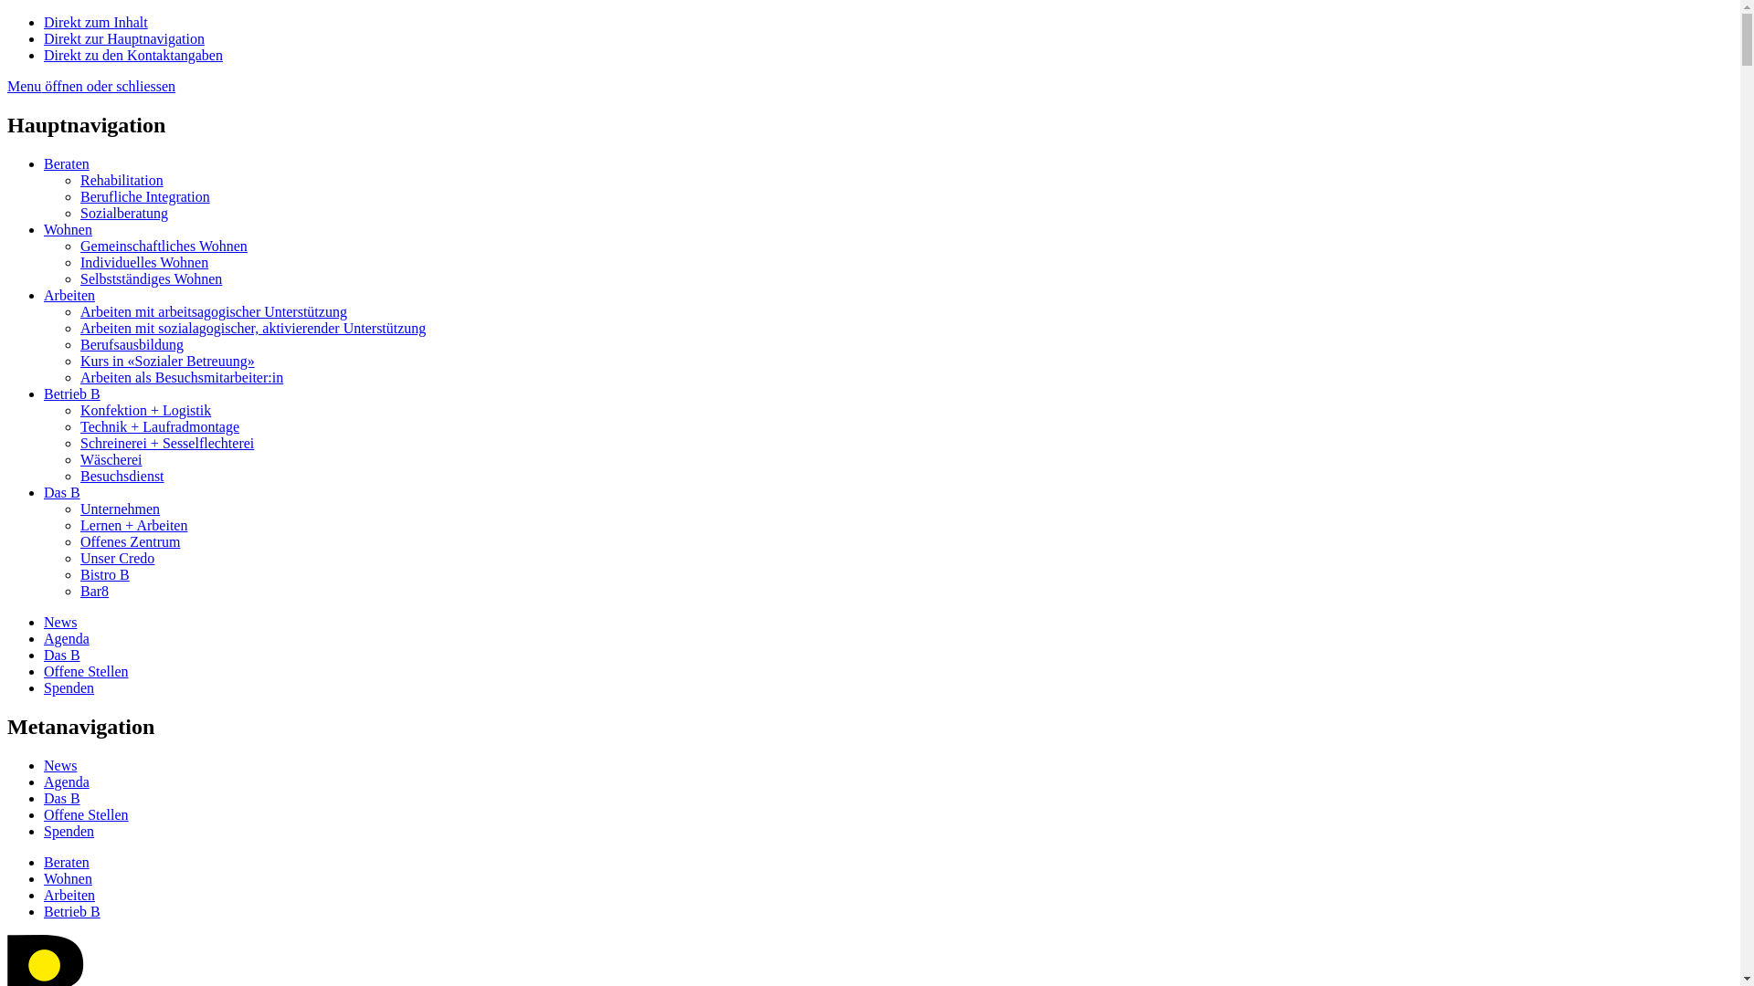 This screenshot has width=1754, height=986. I want to click on 'Unternehmen', so click(119, 509).